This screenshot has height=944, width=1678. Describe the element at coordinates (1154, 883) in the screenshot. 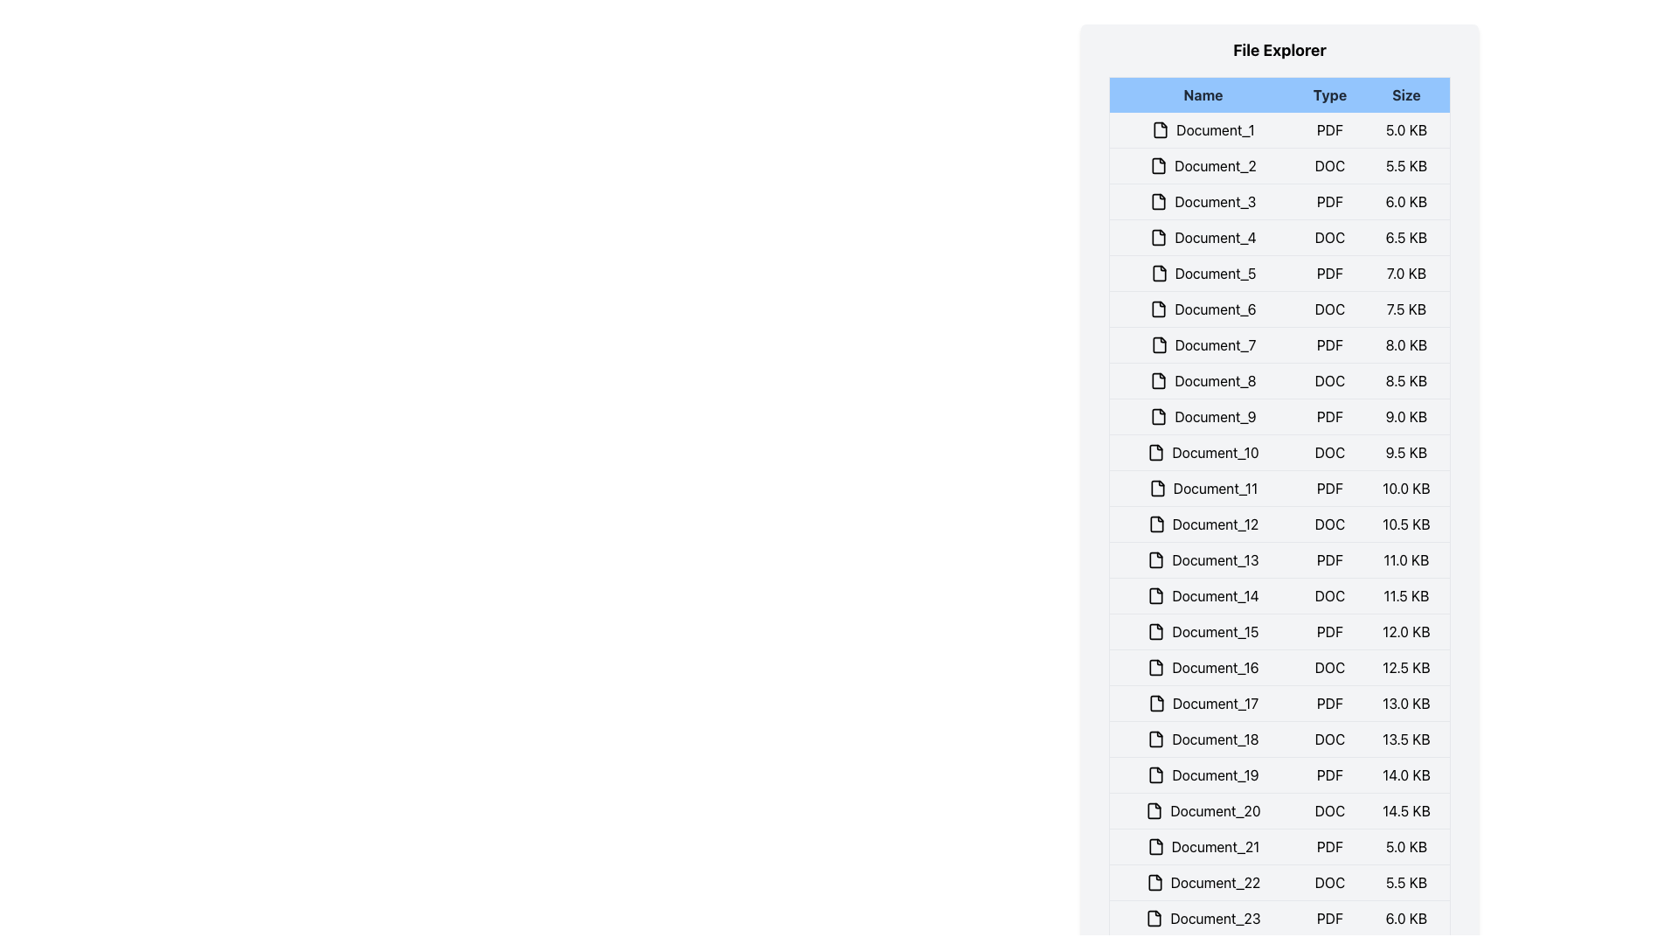

I see `the icon to the left of the text 'Document_22' in the file listing interface` at that location.